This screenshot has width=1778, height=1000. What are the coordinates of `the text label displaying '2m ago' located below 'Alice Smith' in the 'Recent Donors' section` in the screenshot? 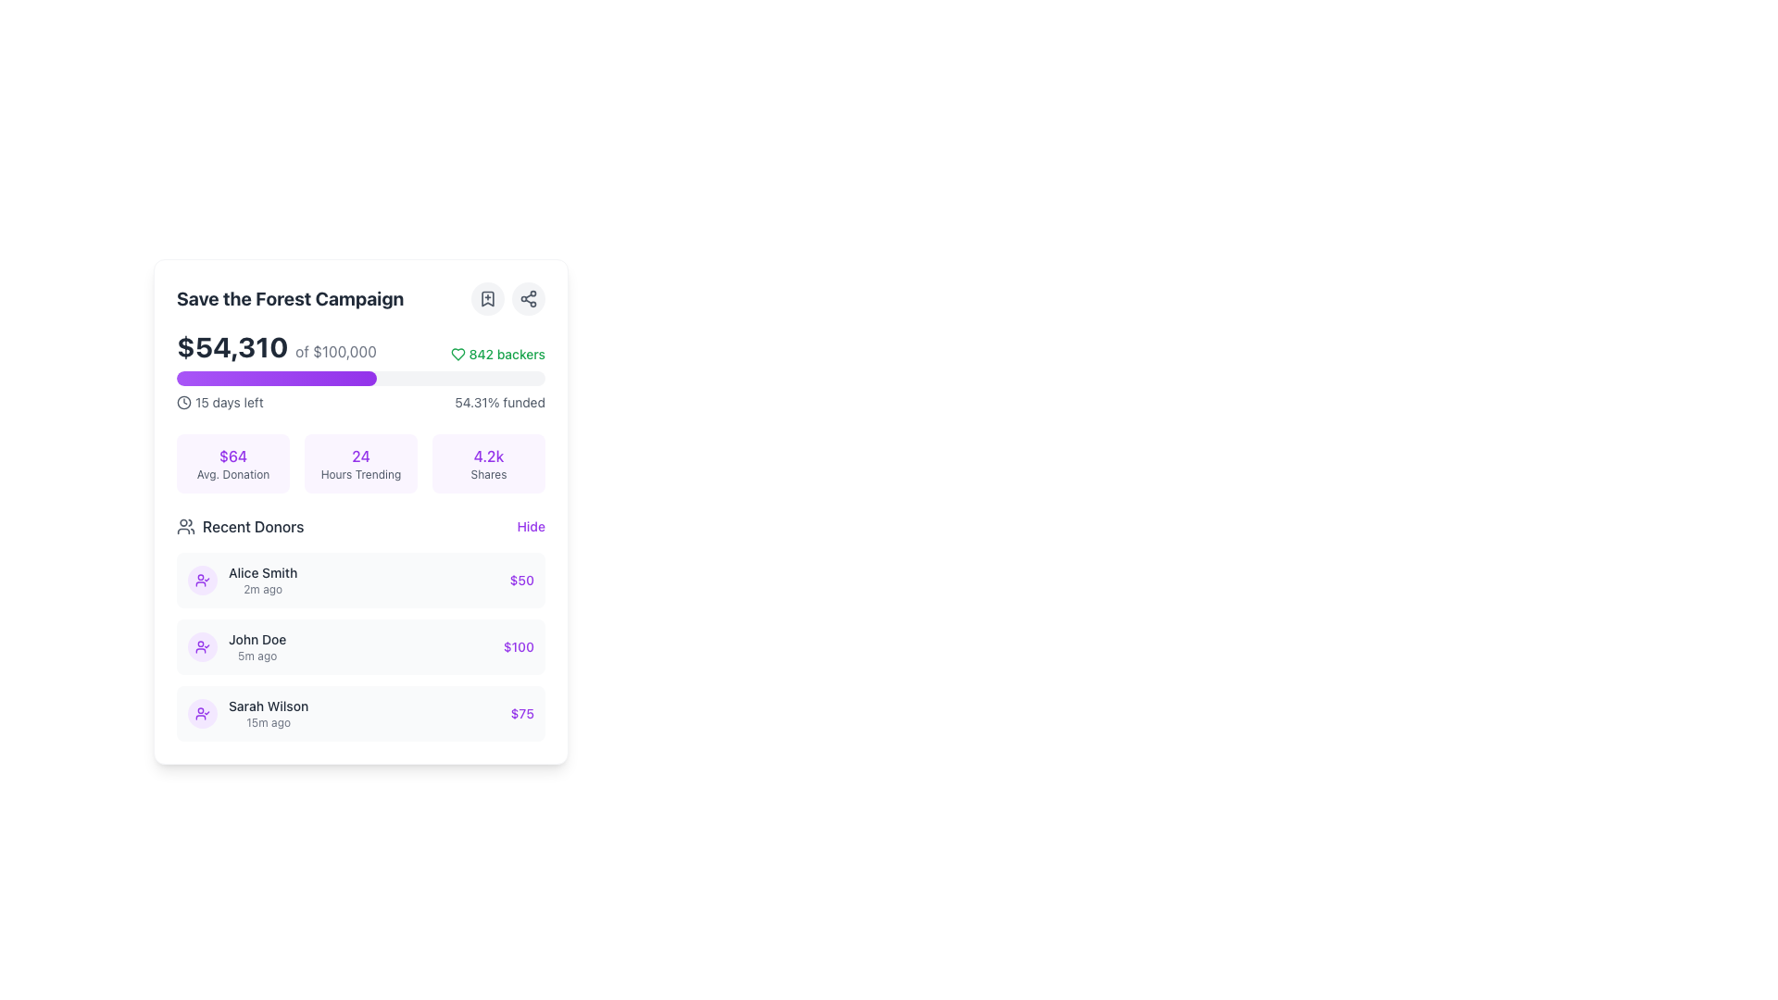 It's located at (262, 589).